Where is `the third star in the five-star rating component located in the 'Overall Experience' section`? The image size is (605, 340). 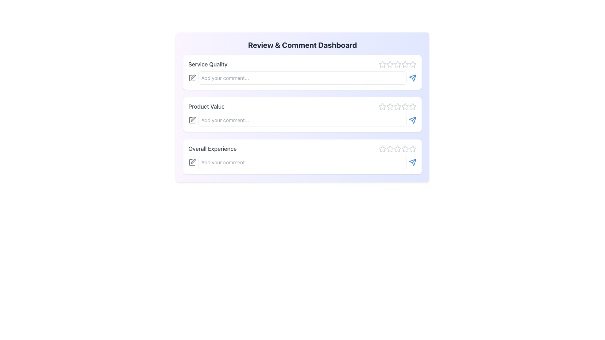 the third star in the five-star rating component located in the 'Overall Experience' section is located at coordinates (397, 149).